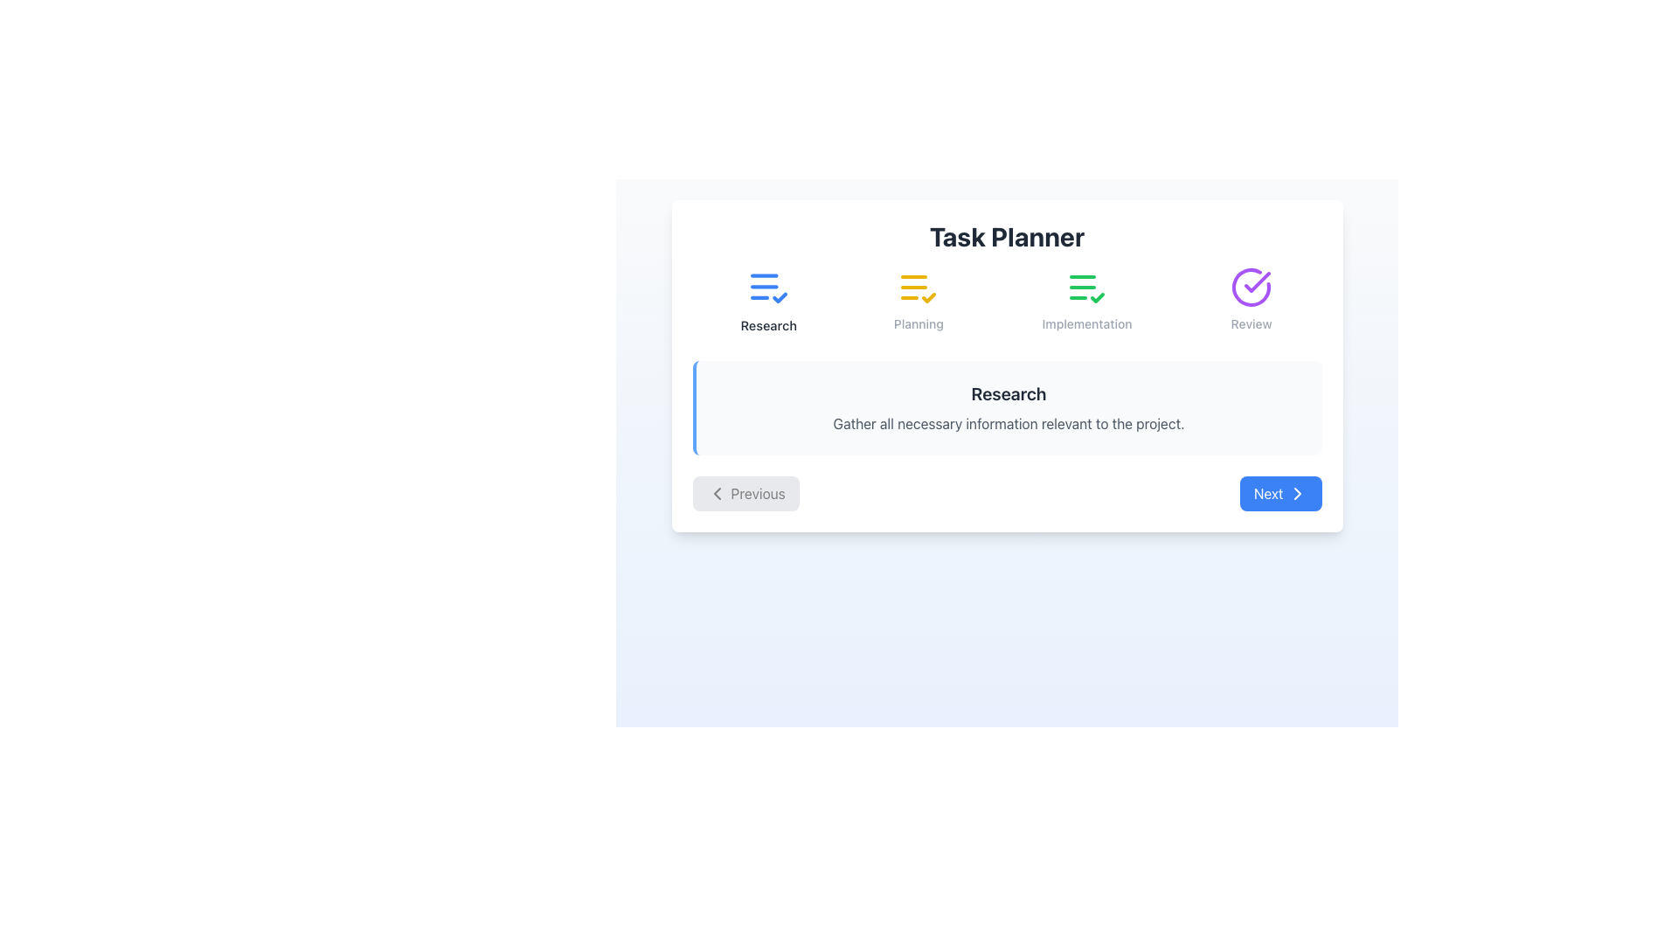  Describe the element at coordinates (918, 299) in the screenshot. I see `the 'Planning' icon, which features three horizontal yellow lines and a checkmark` at that location.